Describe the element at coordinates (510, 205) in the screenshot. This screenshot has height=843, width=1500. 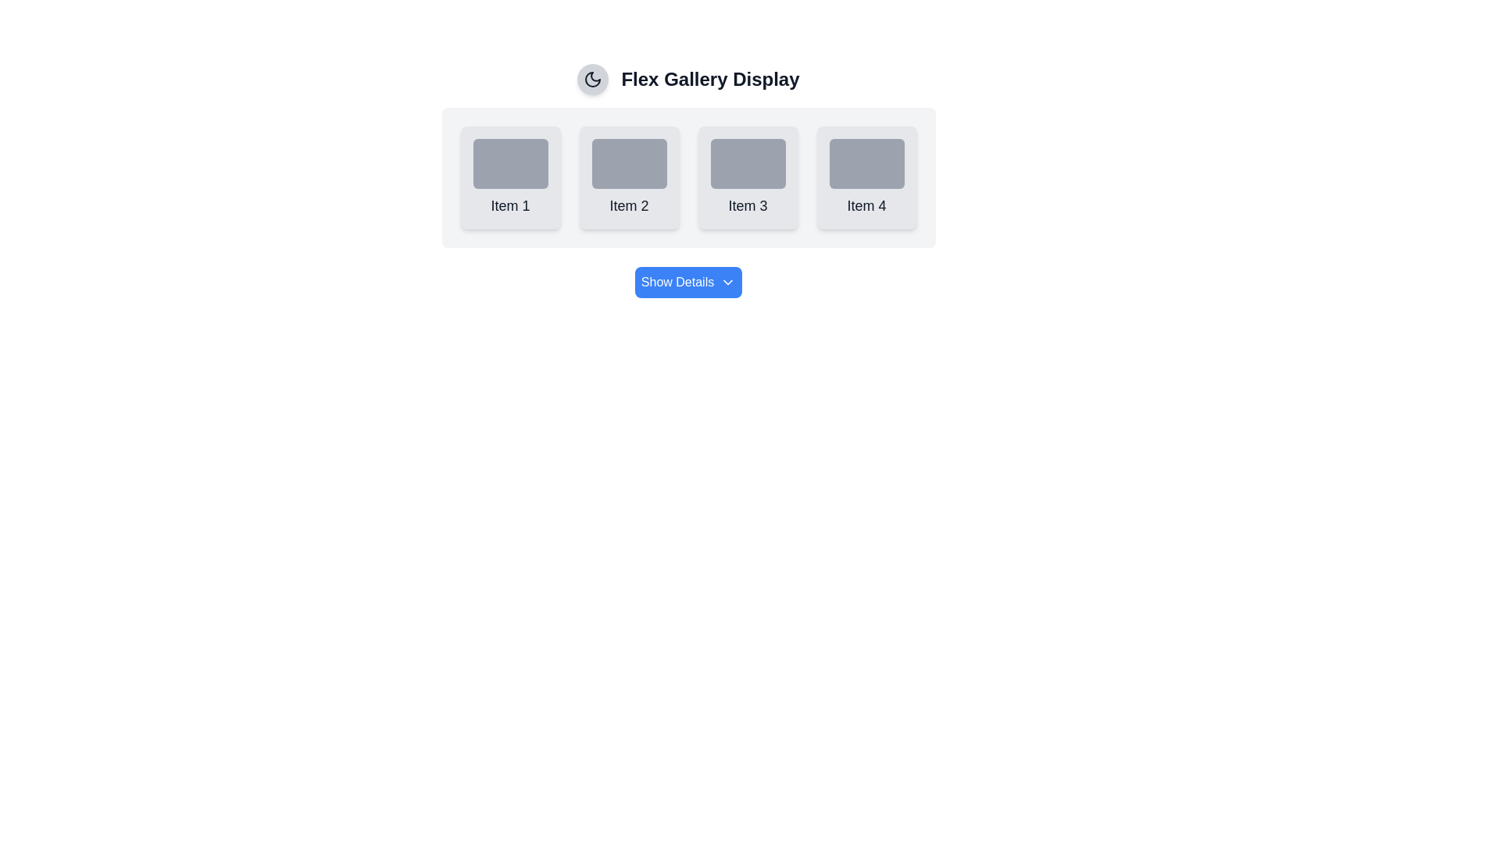
I see `the static text label located within the first card of the flex-based gallery layout, positioned directly below the rectangular placeholder image` at that location.